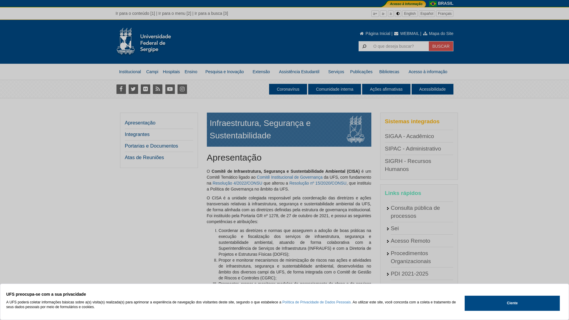 This screenshot has height=320, width=569. I want to click on 'Instagram', so click(182, 89).